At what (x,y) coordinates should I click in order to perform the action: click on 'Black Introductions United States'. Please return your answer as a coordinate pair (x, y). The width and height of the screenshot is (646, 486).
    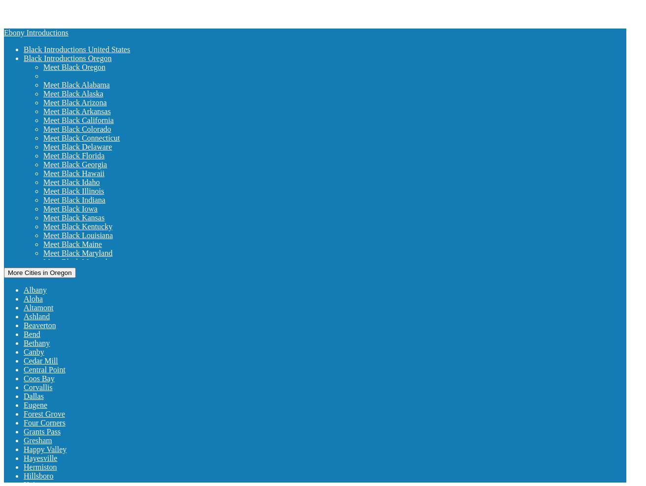
    Looking at the image, I should click on (24, 49).